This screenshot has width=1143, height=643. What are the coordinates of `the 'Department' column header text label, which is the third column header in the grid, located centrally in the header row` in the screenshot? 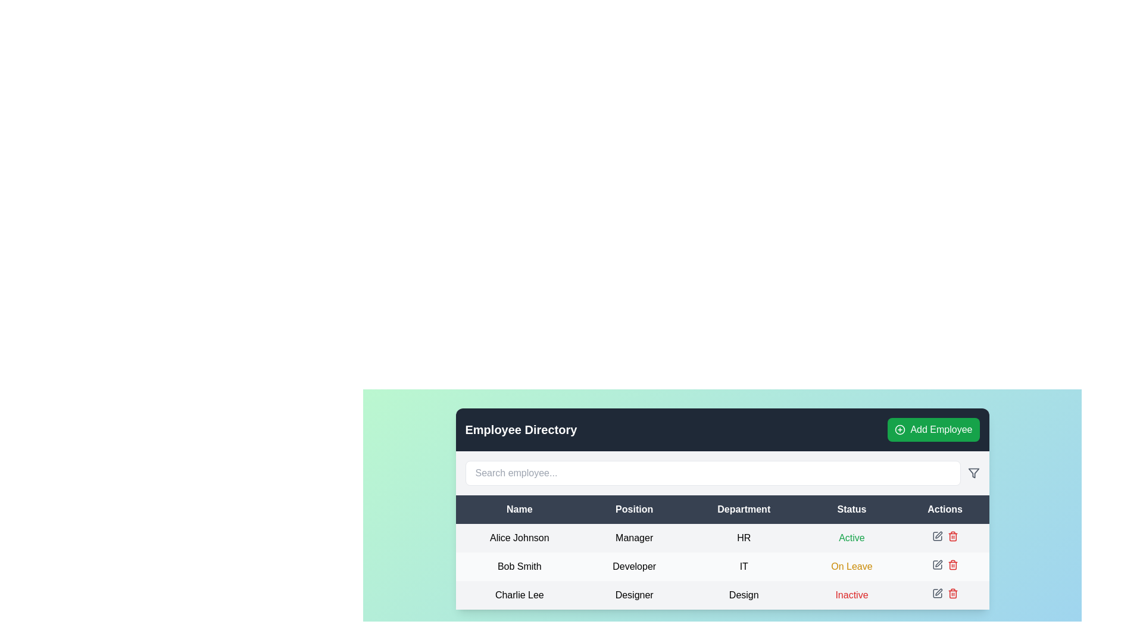 It's located at (743, 509).